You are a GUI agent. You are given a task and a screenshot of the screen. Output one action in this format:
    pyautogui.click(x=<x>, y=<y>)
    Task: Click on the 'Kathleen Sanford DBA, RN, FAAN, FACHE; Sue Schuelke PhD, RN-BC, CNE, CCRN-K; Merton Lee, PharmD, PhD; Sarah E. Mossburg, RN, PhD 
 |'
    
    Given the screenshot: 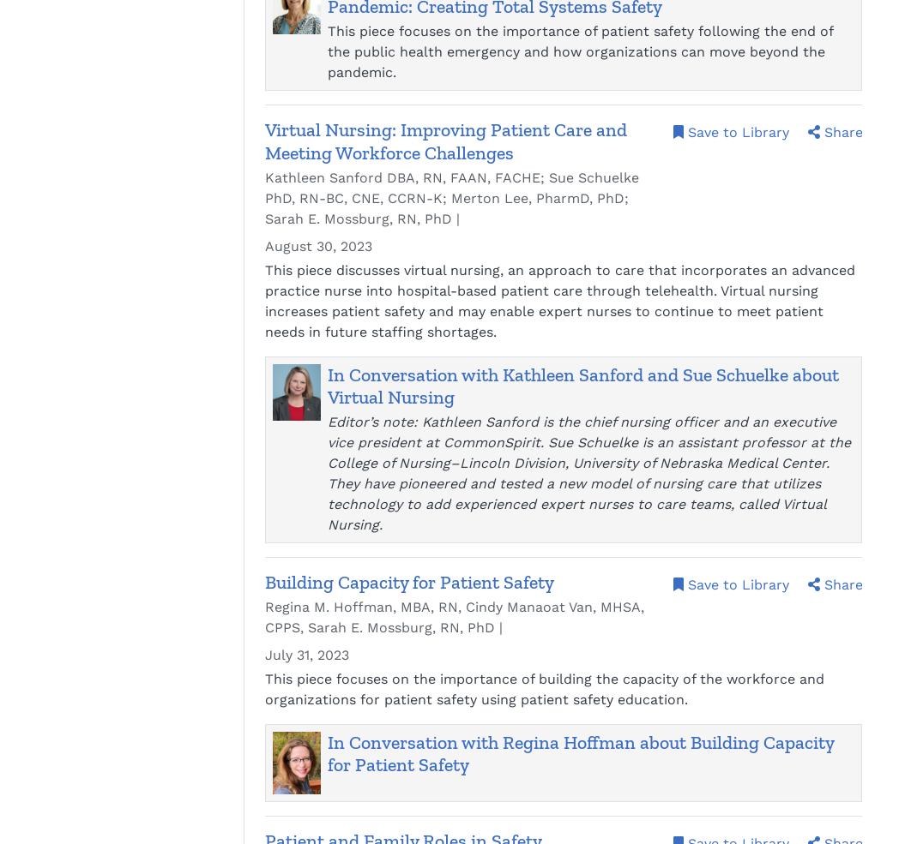 What is the action you would take?
    pyautogui.click(x=451, y=196)
    